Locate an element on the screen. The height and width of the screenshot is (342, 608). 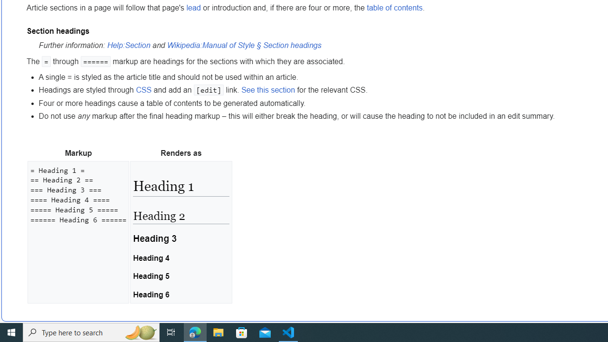
'Markup' is located at coordinates (78, 152).